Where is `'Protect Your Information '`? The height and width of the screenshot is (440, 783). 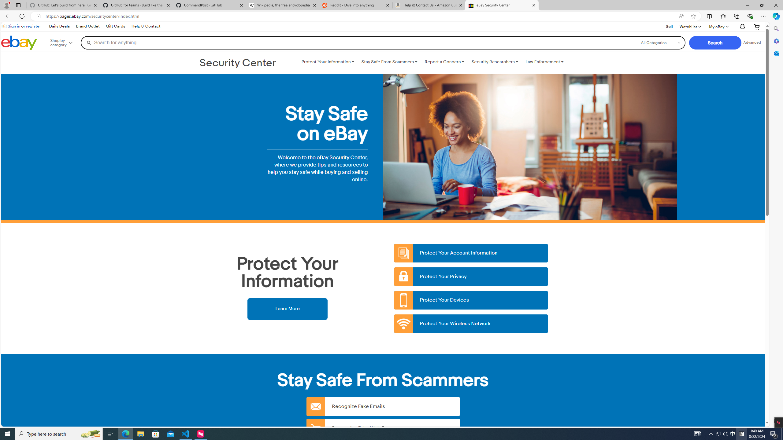
'Protect Your Information ' is located at coordinates (328, 62).